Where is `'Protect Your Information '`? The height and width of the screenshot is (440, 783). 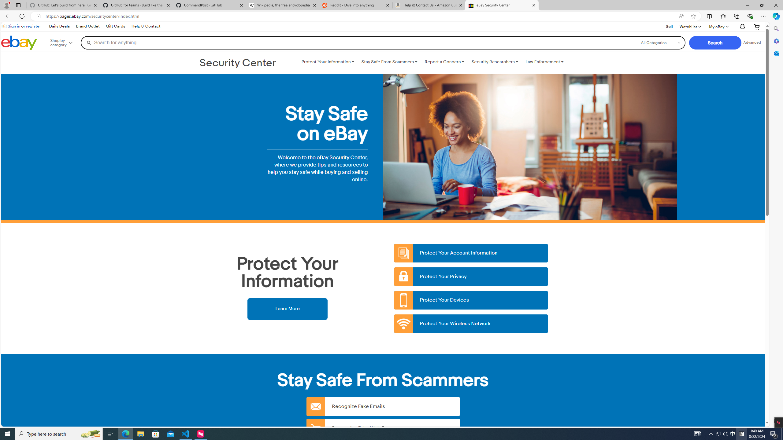
'Protect Your Information ' is located at coordinates (328, 62).